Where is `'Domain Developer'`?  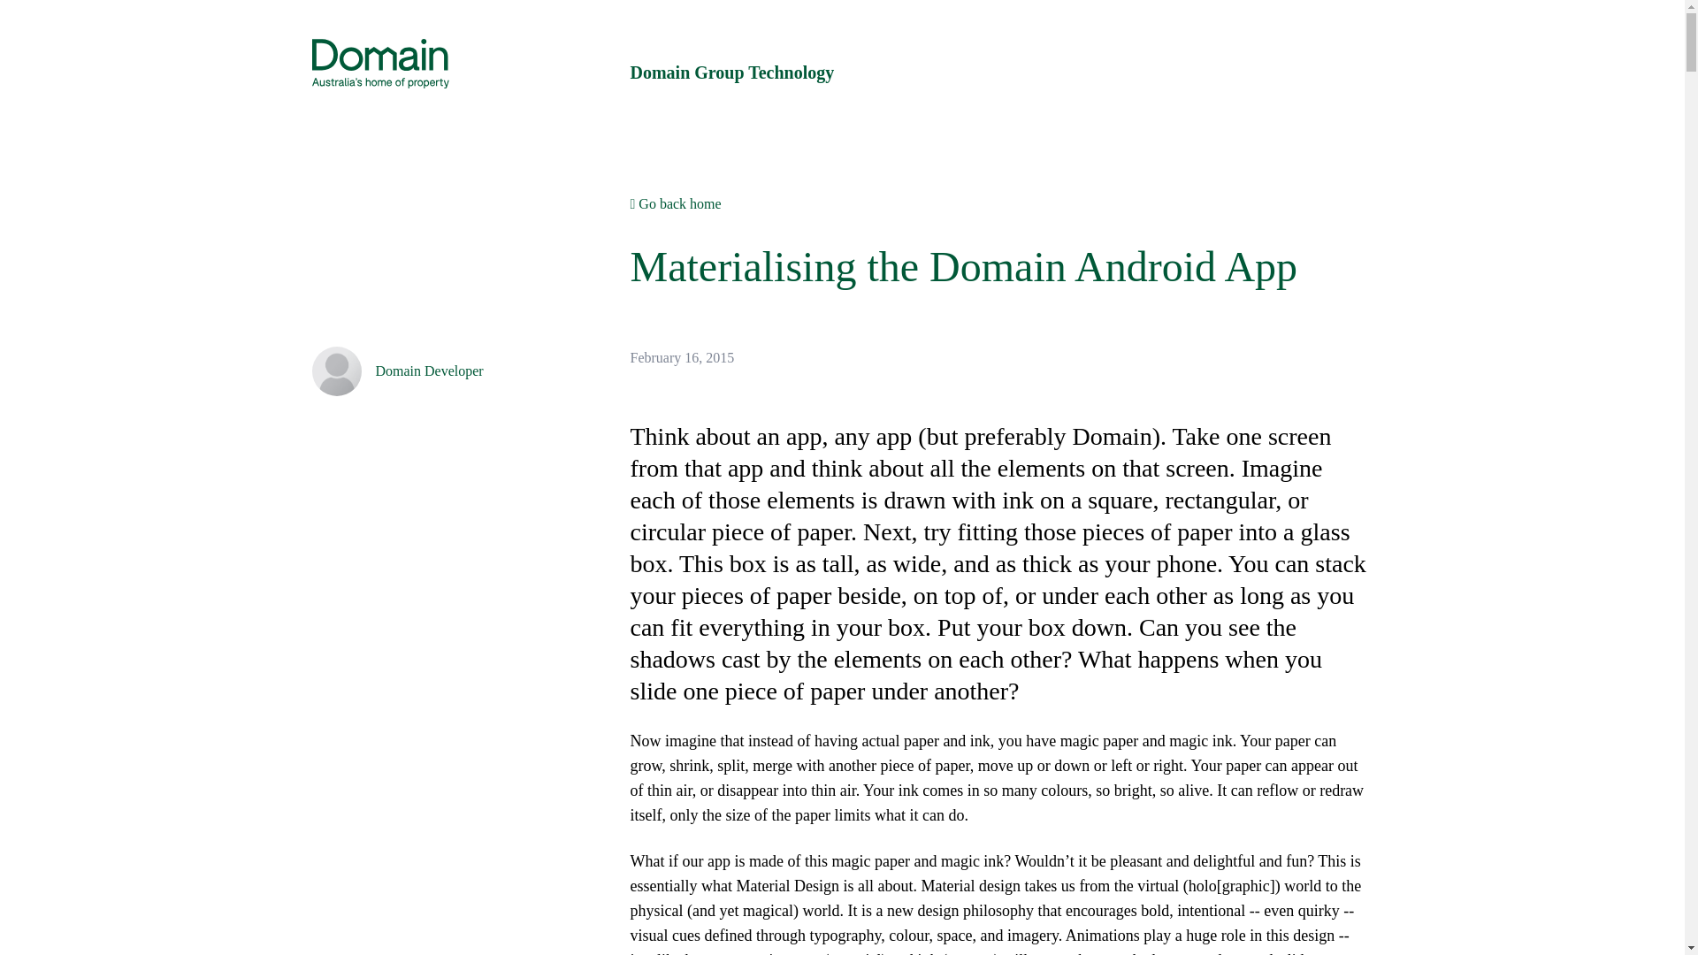 'Domain Developer' is located at coordinates (428, 370).